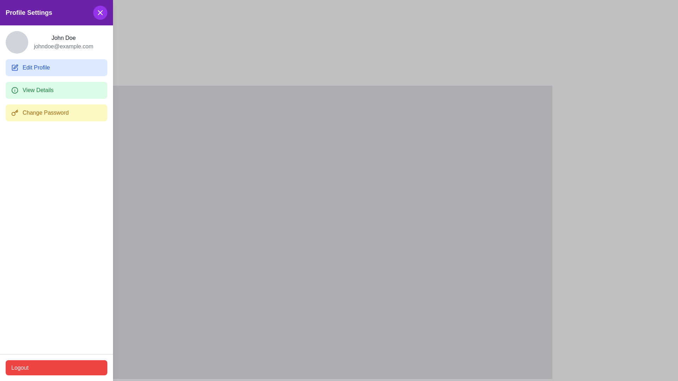 Image resolution: width=678 pixels, height=381 pixels. What do you see at coordinates (64, 38) in the screenshot?
I see `the text label displaying the user's name, positioned just under the circular avatar icon and above the email address 'johndoe@example.com'` at bounding box center [64, 38].